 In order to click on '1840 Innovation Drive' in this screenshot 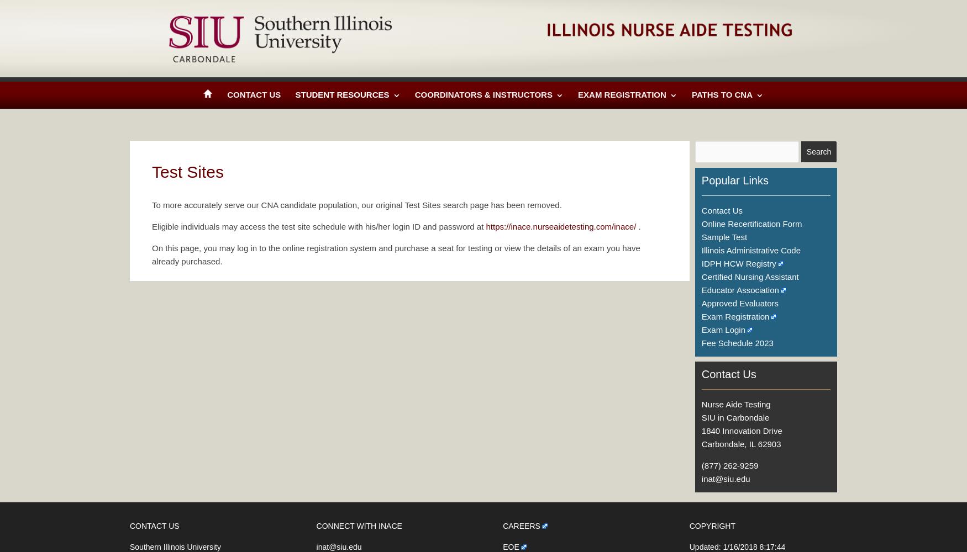, I will do `click(700, 431)`.